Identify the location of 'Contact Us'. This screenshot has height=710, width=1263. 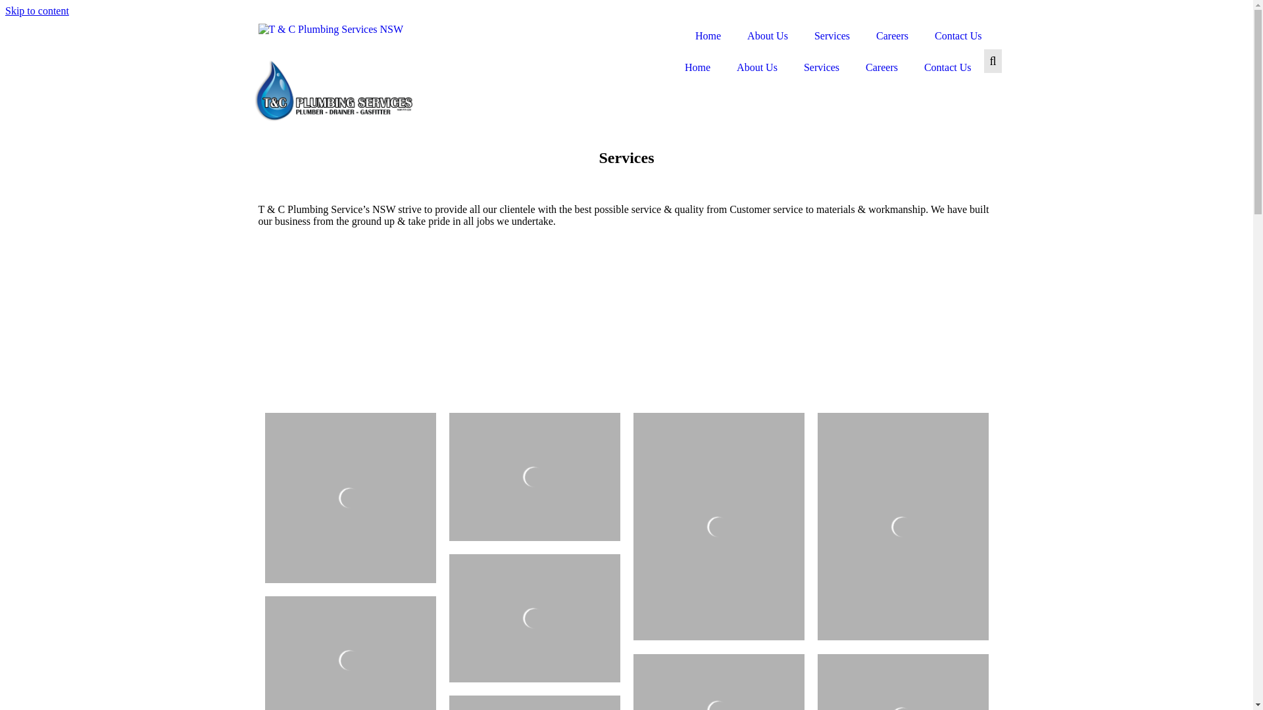
(958, 35).